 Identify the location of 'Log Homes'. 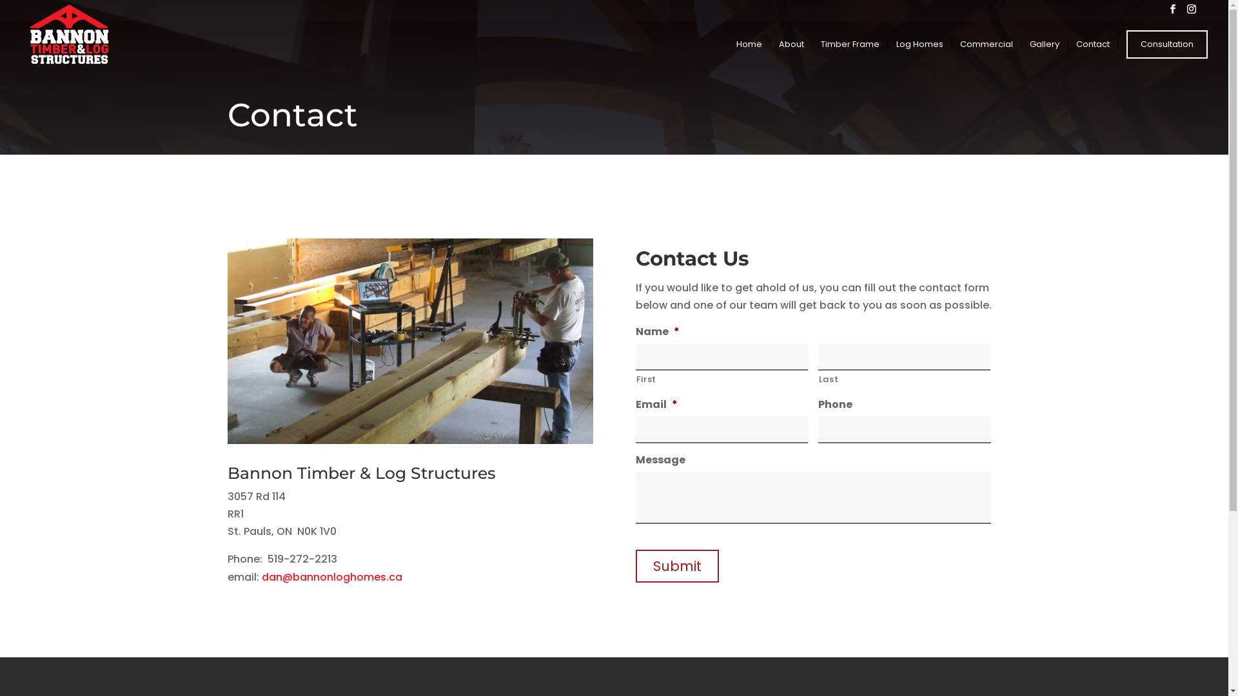
(919, 53).